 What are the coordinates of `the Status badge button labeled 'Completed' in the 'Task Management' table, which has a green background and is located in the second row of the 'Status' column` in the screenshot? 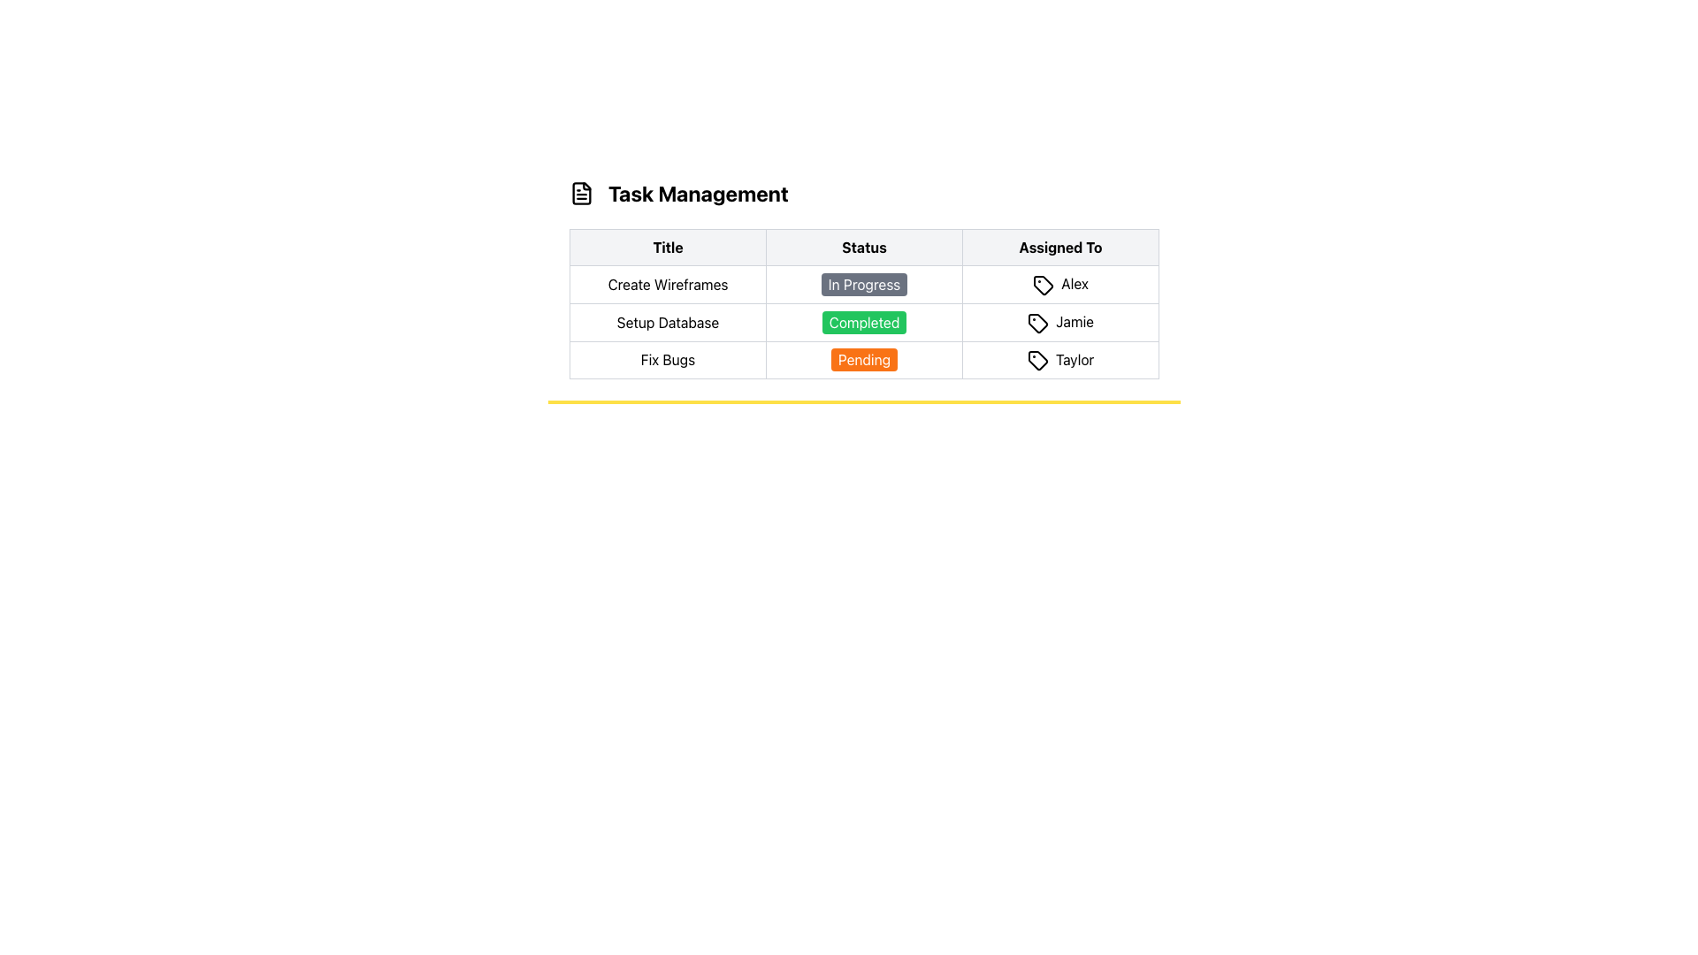 It's located at (864, 322).